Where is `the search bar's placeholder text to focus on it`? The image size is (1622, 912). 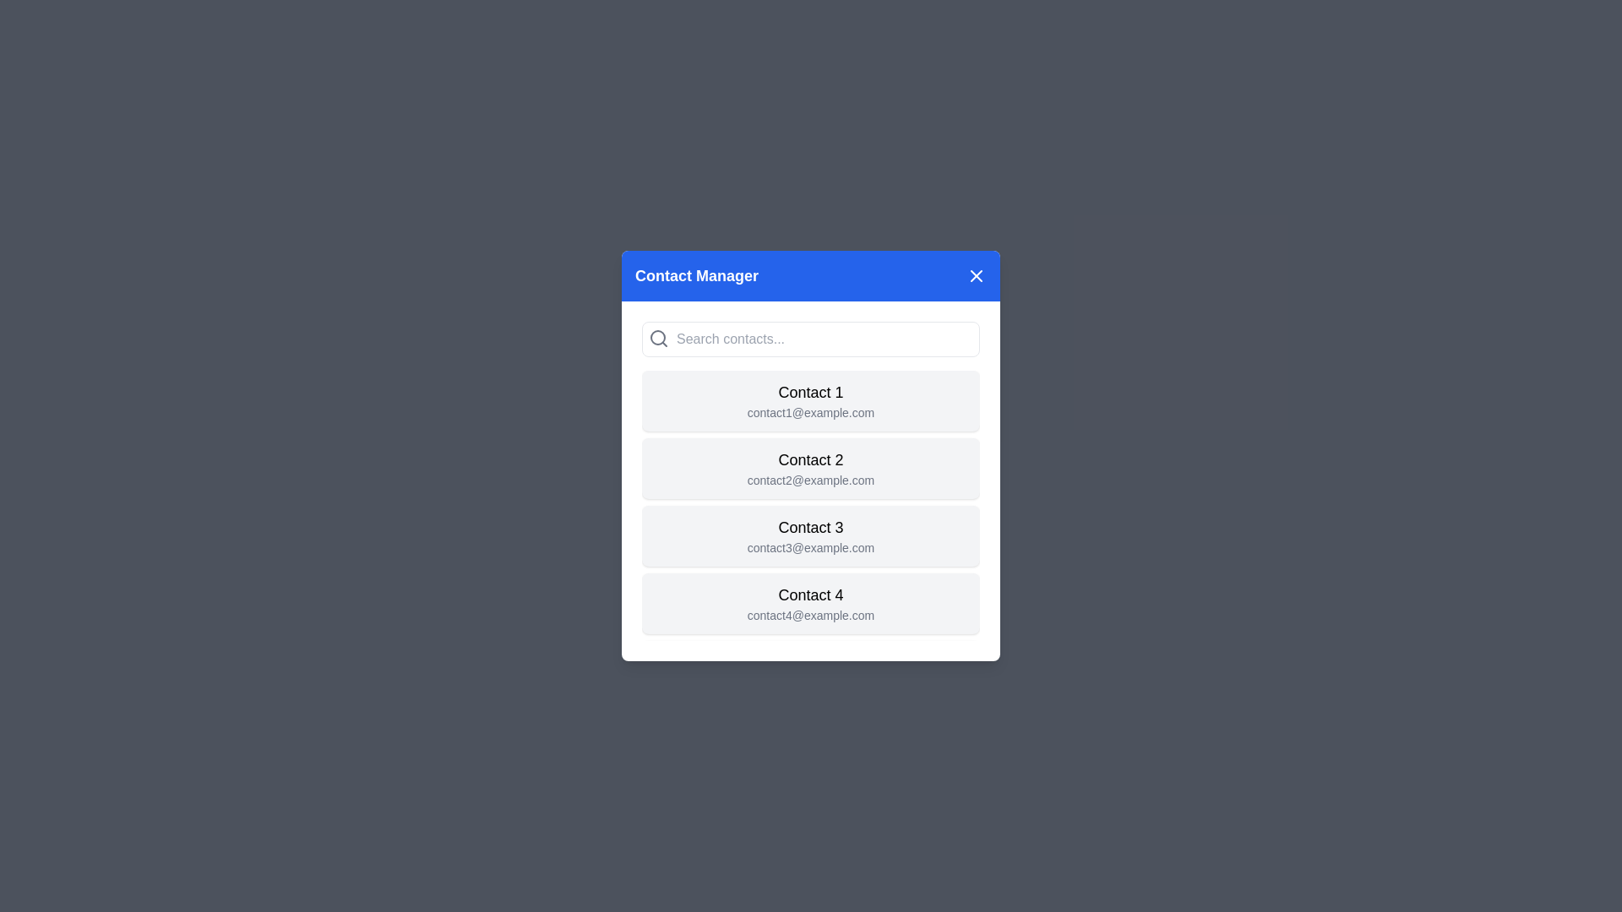
the search bar's placeholder text to focus on it is located at coordinates (811, 339).